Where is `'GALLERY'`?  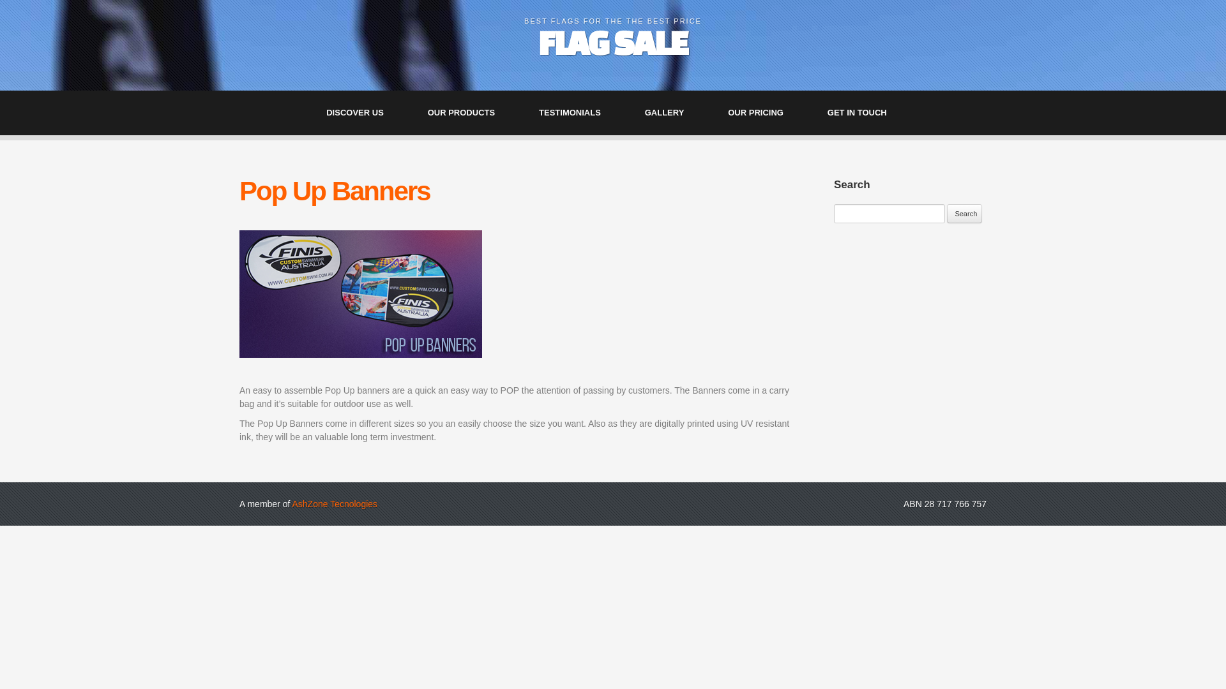 'GALLERY' is located at coordinates (670, 112).